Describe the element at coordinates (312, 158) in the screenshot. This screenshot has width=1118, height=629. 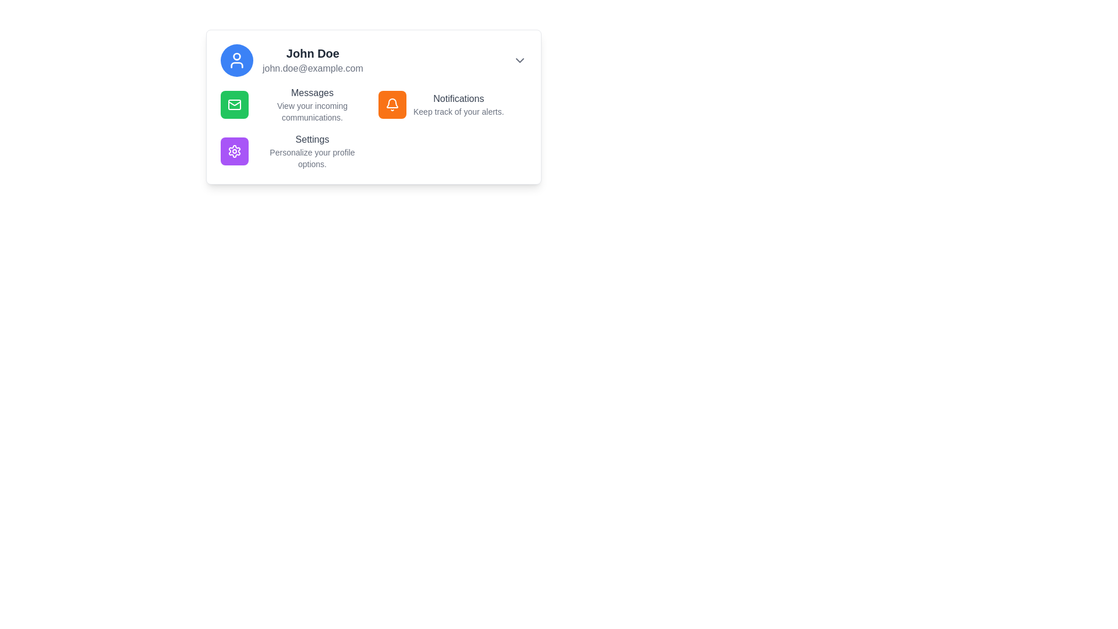
I see `the text label that says 'Personalize your profile options.' which is located beneath the 'Settings' header in the Settings section` at that location.